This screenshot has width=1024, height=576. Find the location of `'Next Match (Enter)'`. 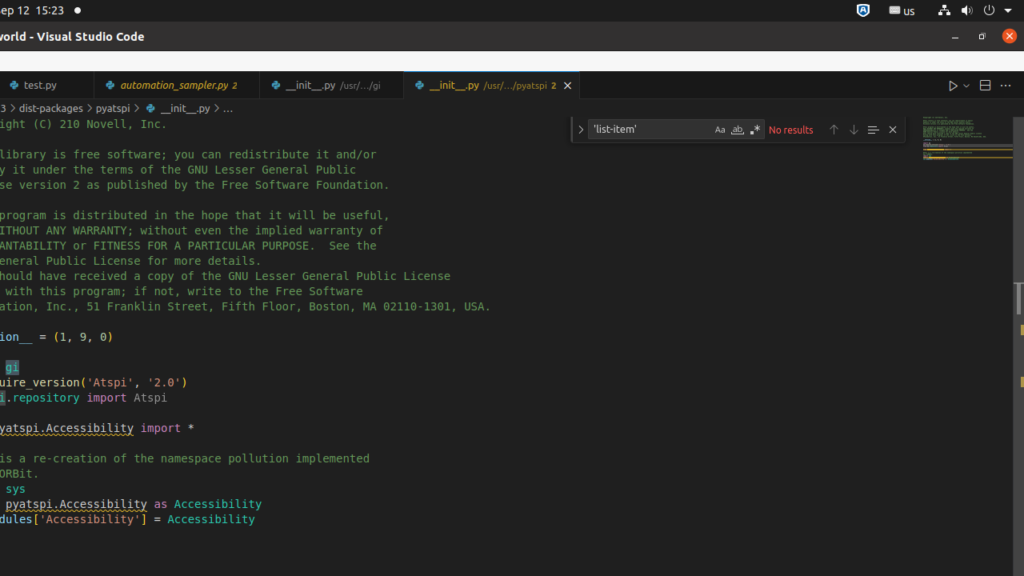

'Next Match (Enter)' is located at coordinates (853, 128).